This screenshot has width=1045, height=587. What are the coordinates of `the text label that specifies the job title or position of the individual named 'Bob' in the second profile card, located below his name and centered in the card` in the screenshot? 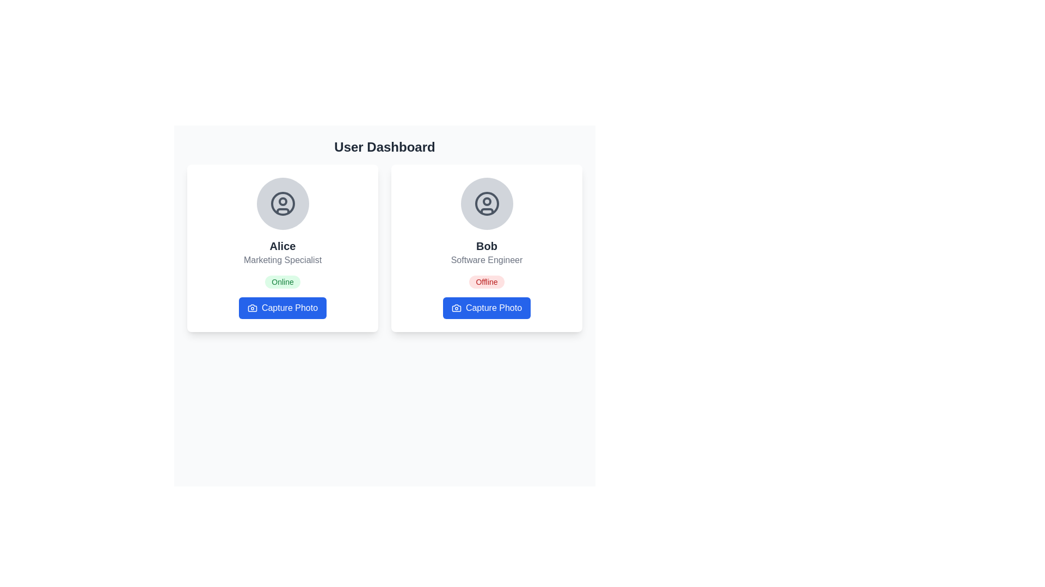 It's located at (486, 260).